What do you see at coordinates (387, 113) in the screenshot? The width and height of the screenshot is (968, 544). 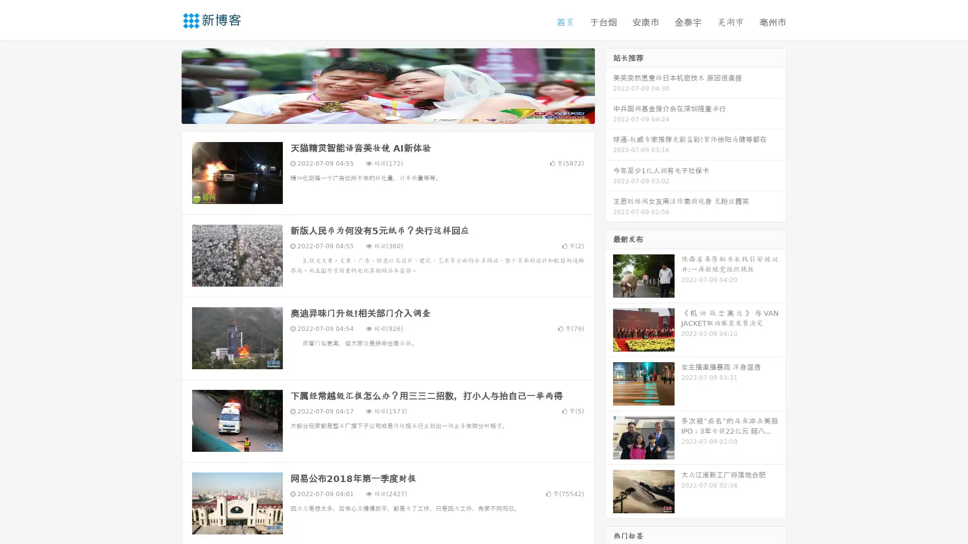 I see `Go to slide 2` at bounding box center [387, 113].